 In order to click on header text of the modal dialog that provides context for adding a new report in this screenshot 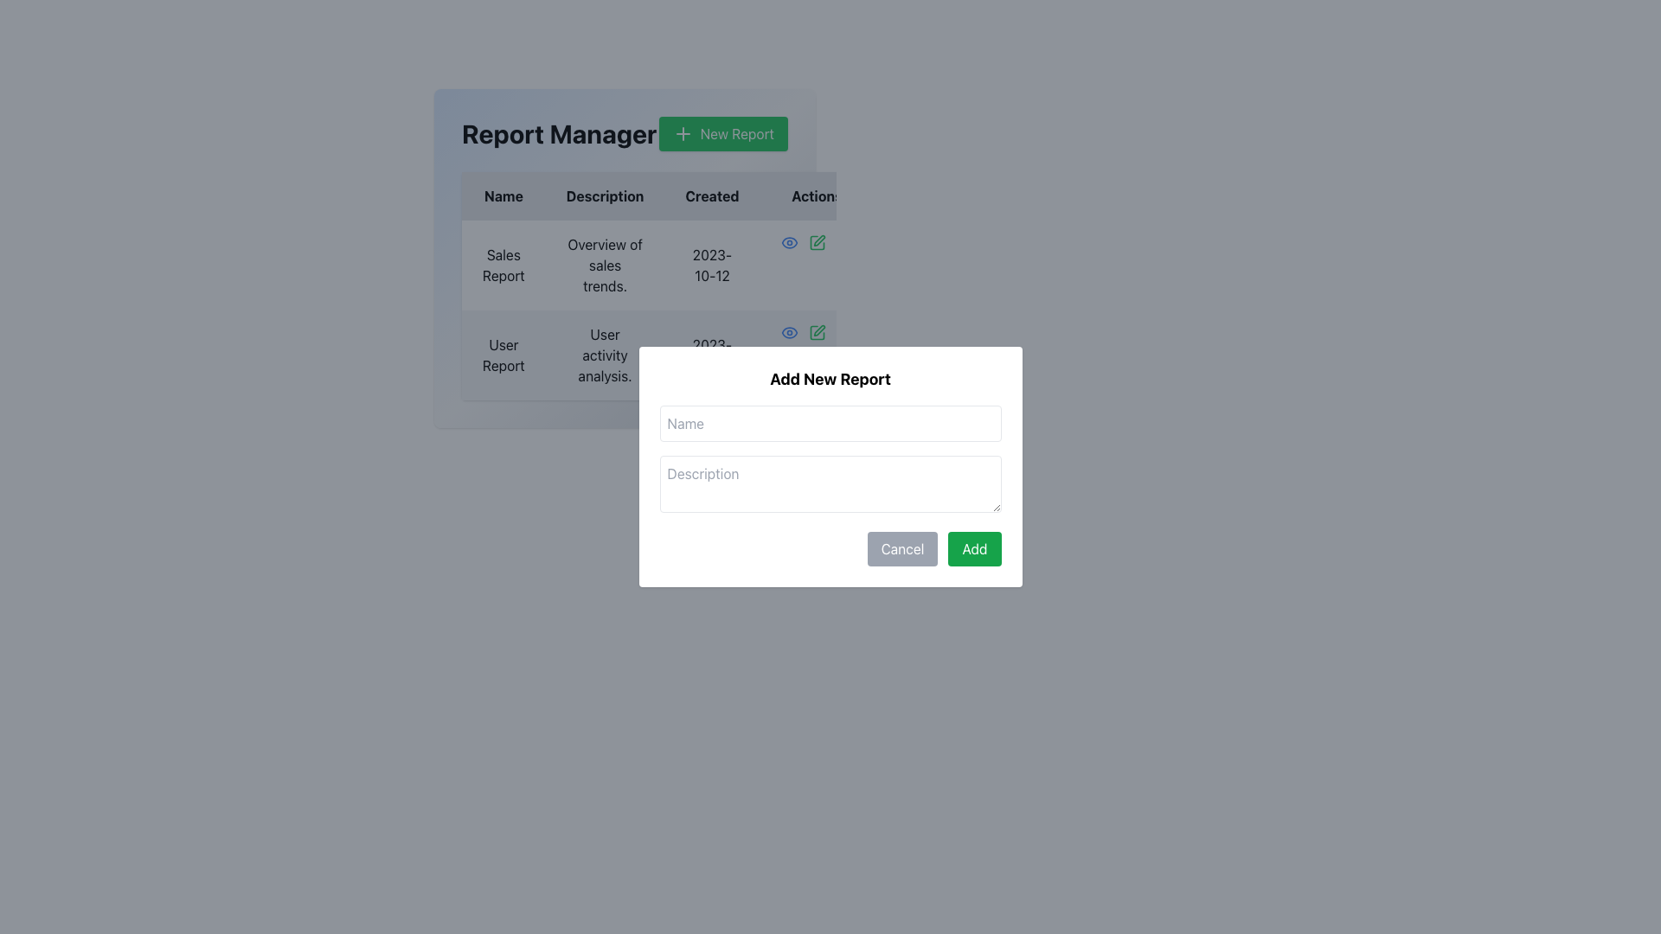, I will do `click(830, 379)`.